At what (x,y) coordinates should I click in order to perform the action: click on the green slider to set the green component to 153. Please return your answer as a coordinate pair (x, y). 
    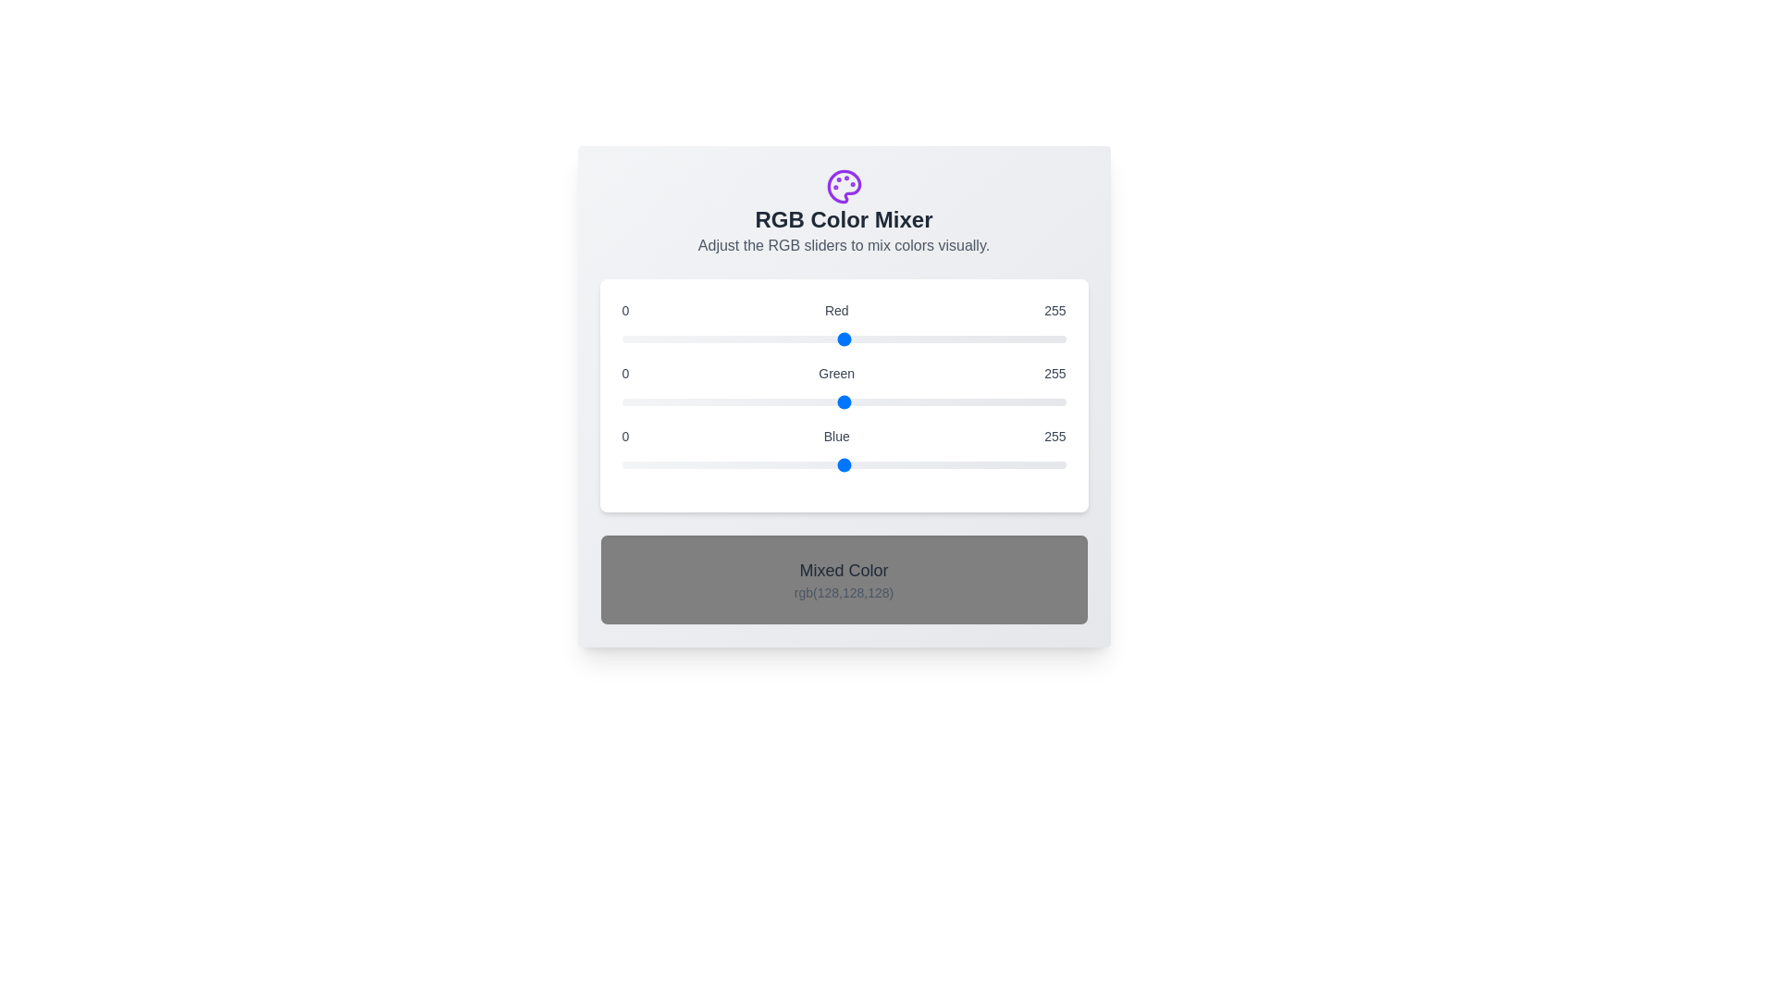
    Looking at the image, I should click on (888, 401).